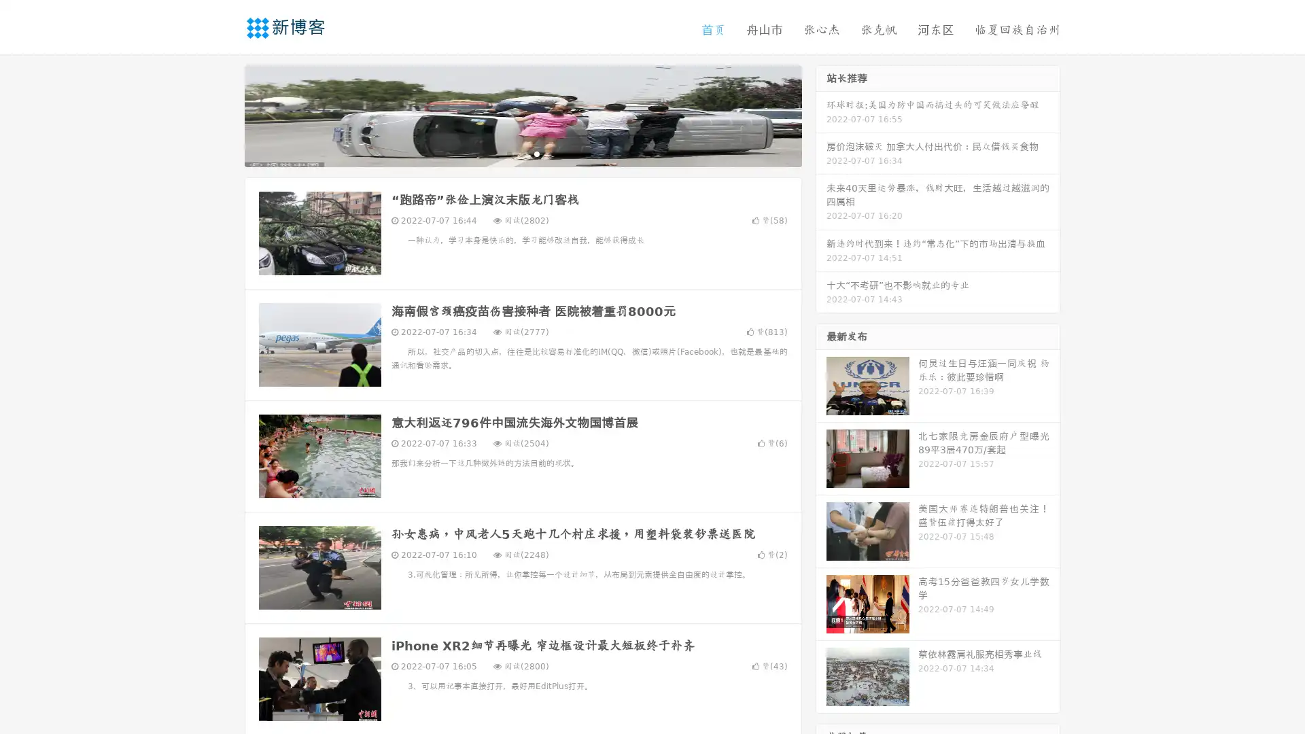 The height and width of the screenshot is (734, 1305). I want to click on Go to slide 1, so click(508, 153).